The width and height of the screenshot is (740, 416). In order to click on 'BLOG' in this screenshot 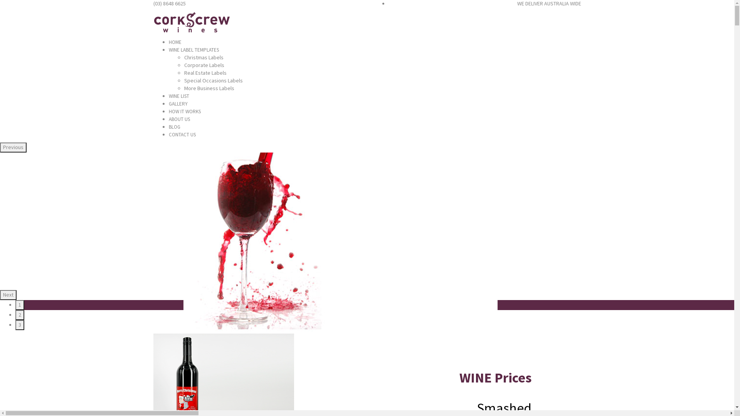, I will do `click(174, 126)`.